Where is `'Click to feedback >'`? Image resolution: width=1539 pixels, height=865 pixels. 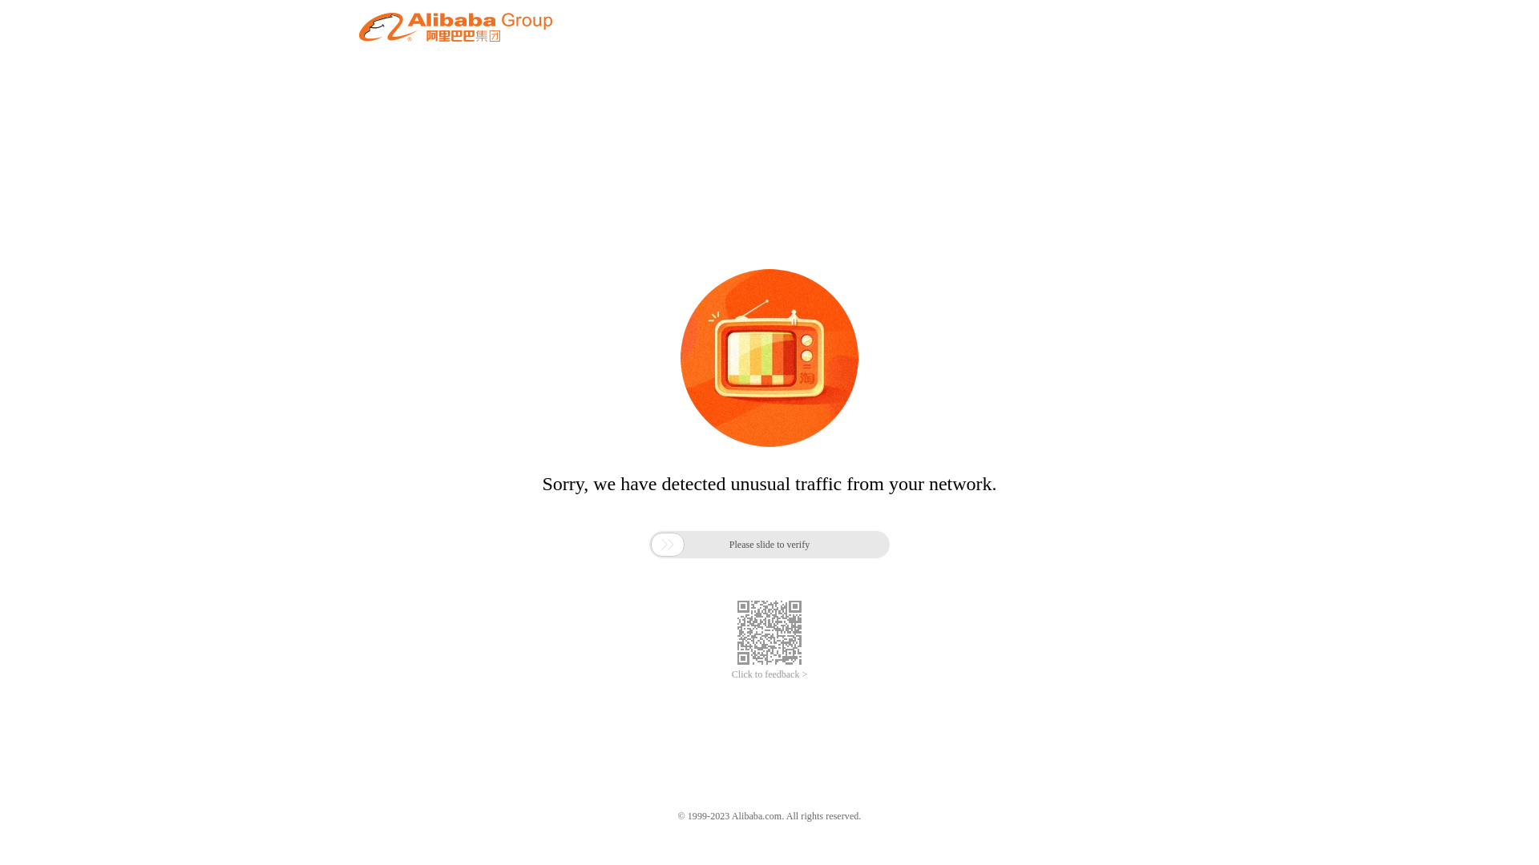 'Click to feedback >' is located at coordinates (769, 674).